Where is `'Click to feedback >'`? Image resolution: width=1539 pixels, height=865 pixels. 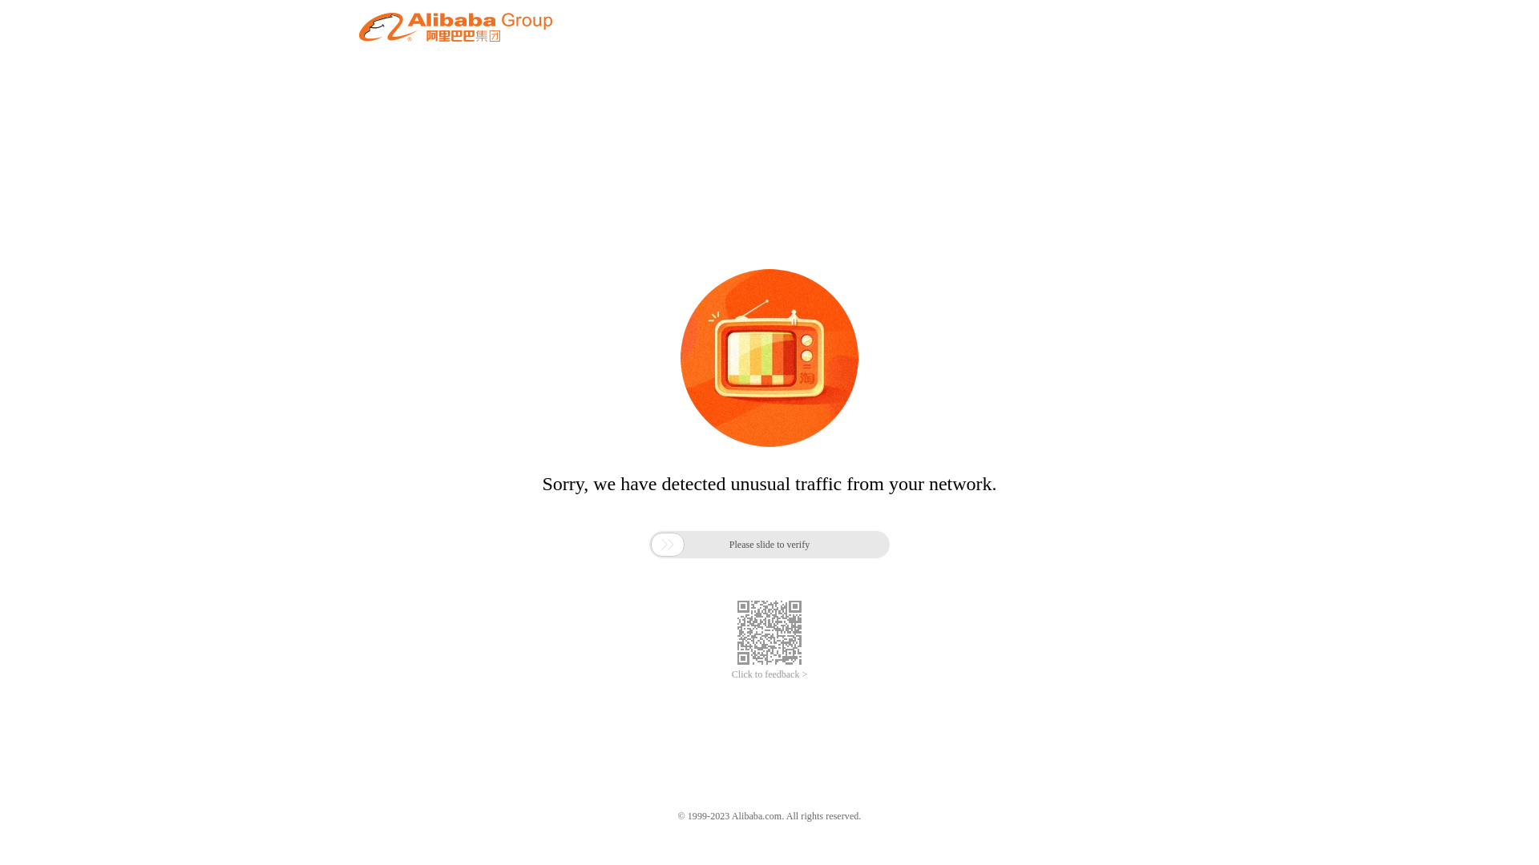 'Click to feedback >' is located at coordinates (769, 674).